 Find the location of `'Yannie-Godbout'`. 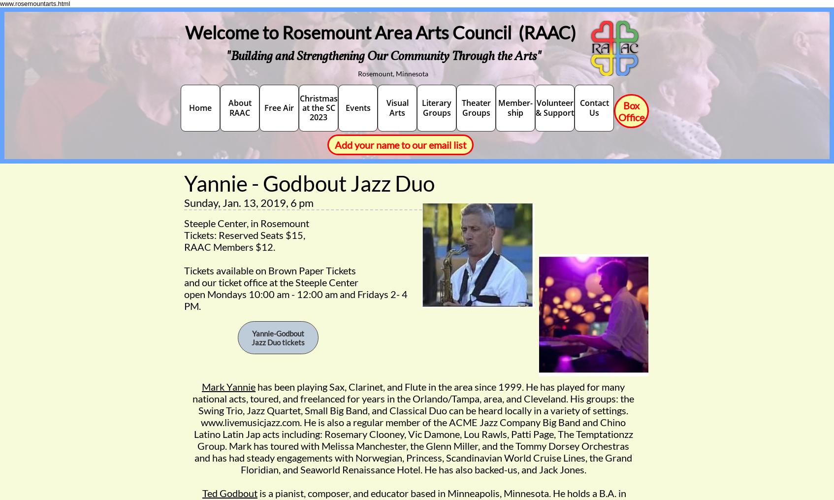

'Yannie-Godbout' is located at coordinates (278, 333).